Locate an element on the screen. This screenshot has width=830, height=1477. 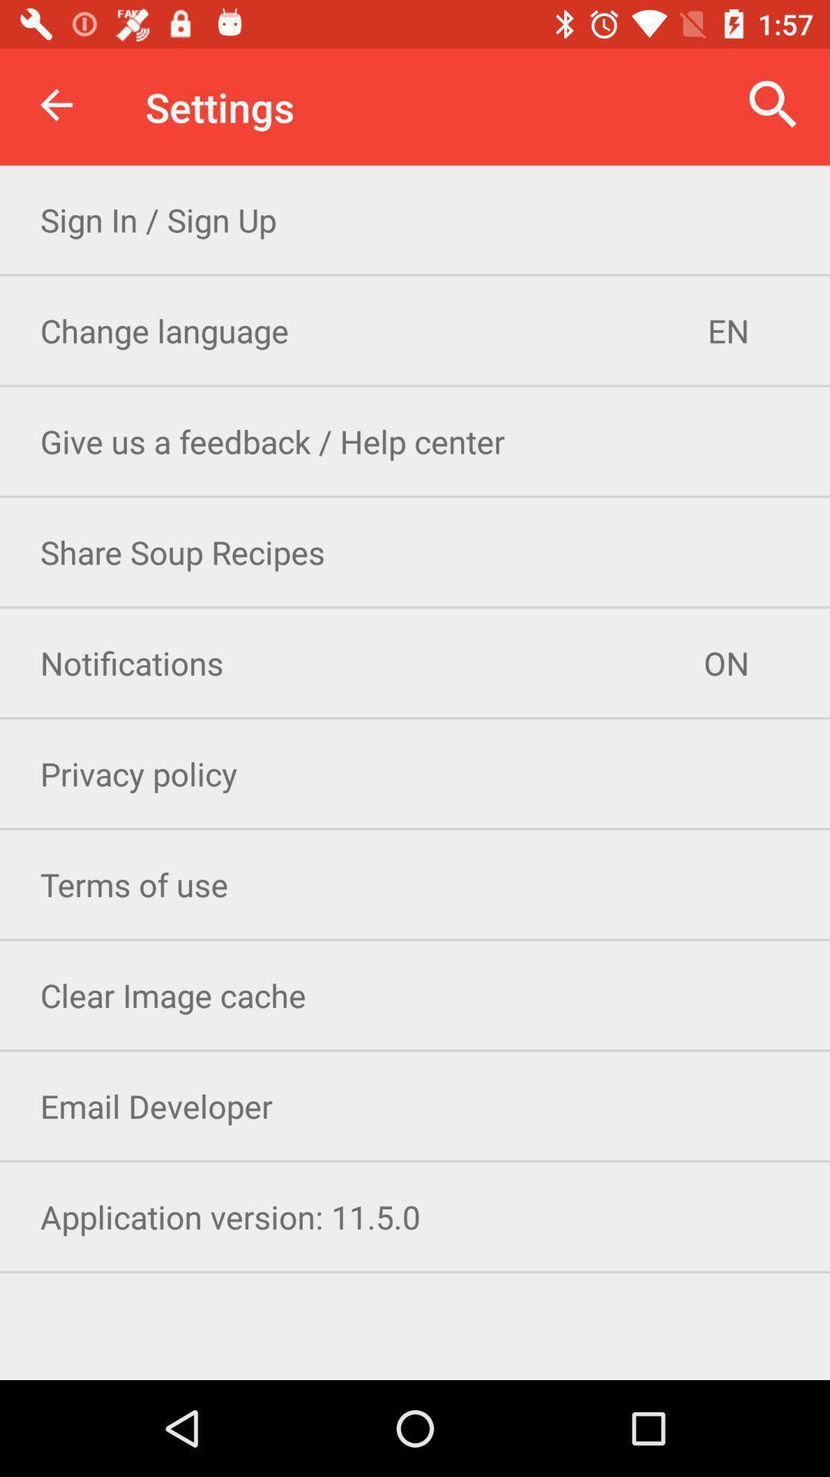
the sign in sign item is located at coordinates (415, 218).